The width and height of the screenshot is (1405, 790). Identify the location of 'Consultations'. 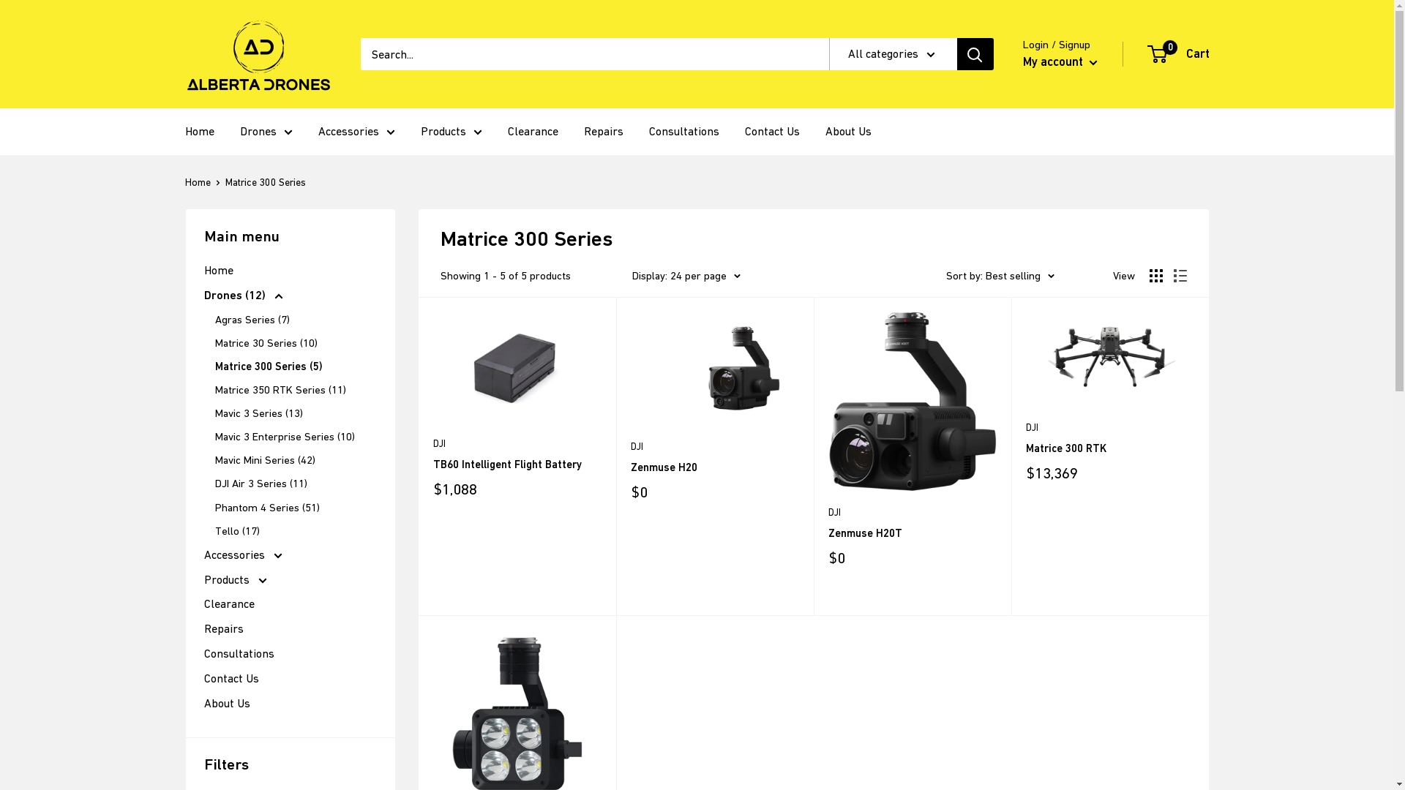
(683, 132).